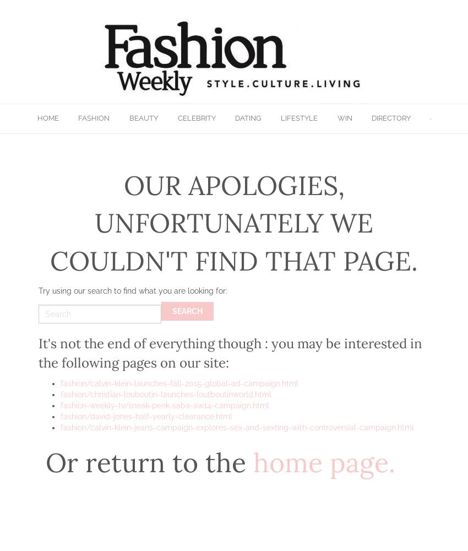 The image size is (468, 551). I want to click on 'Celebrity', so click(195, 117).